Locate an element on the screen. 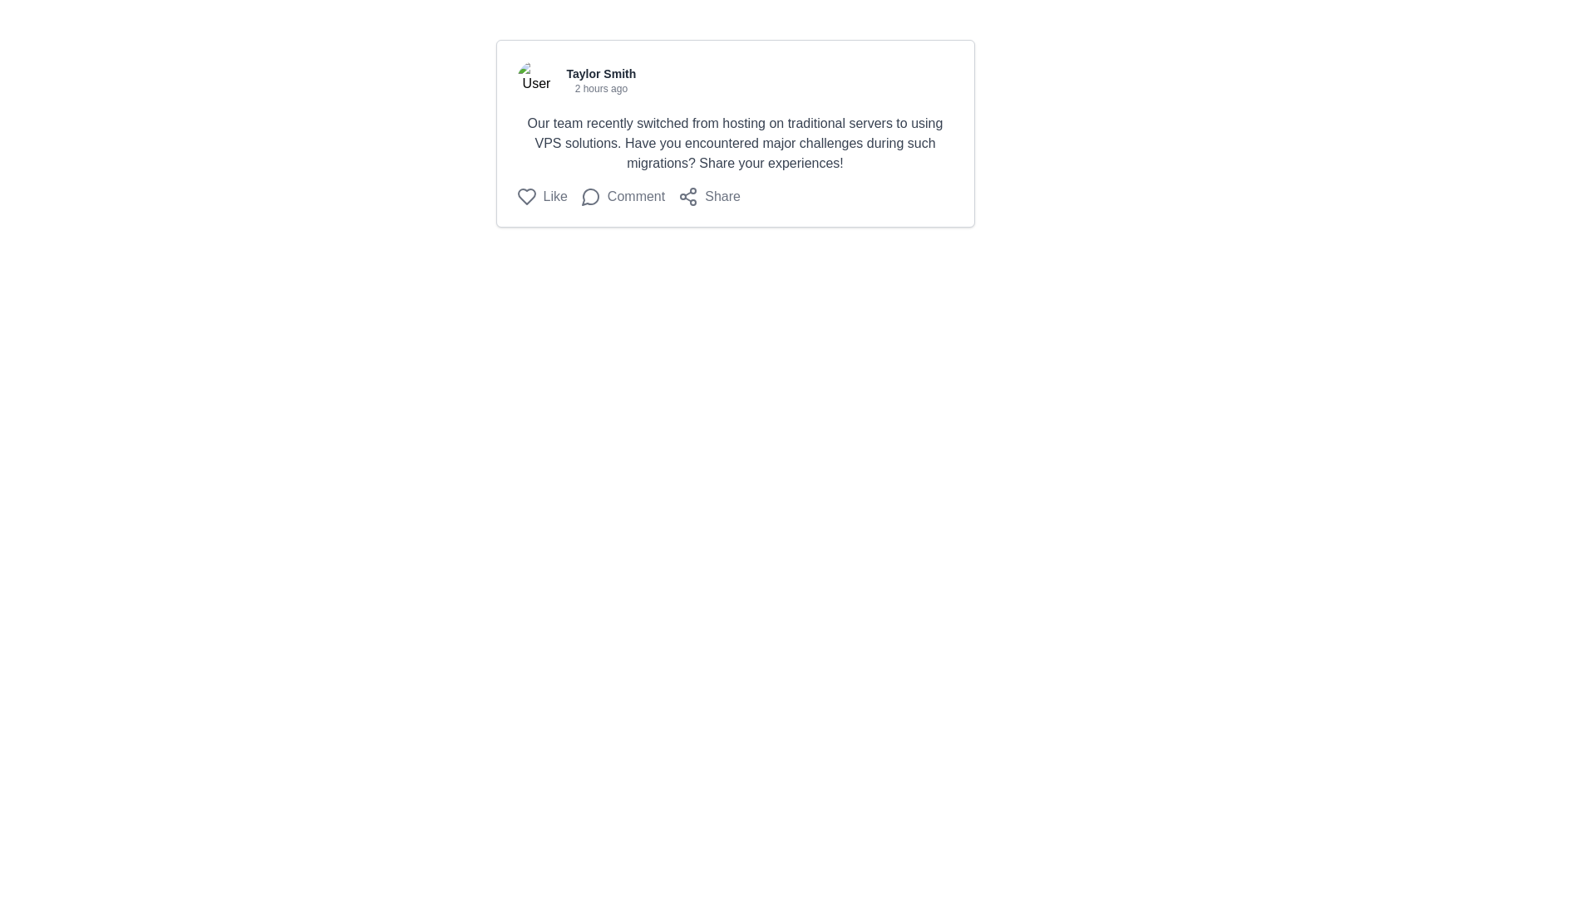 The image size is (1596, 897). the 'Like' button, which features a heart icon and the text 'Like', located at the bottom-left of the card is located at coordinates (542, 195).